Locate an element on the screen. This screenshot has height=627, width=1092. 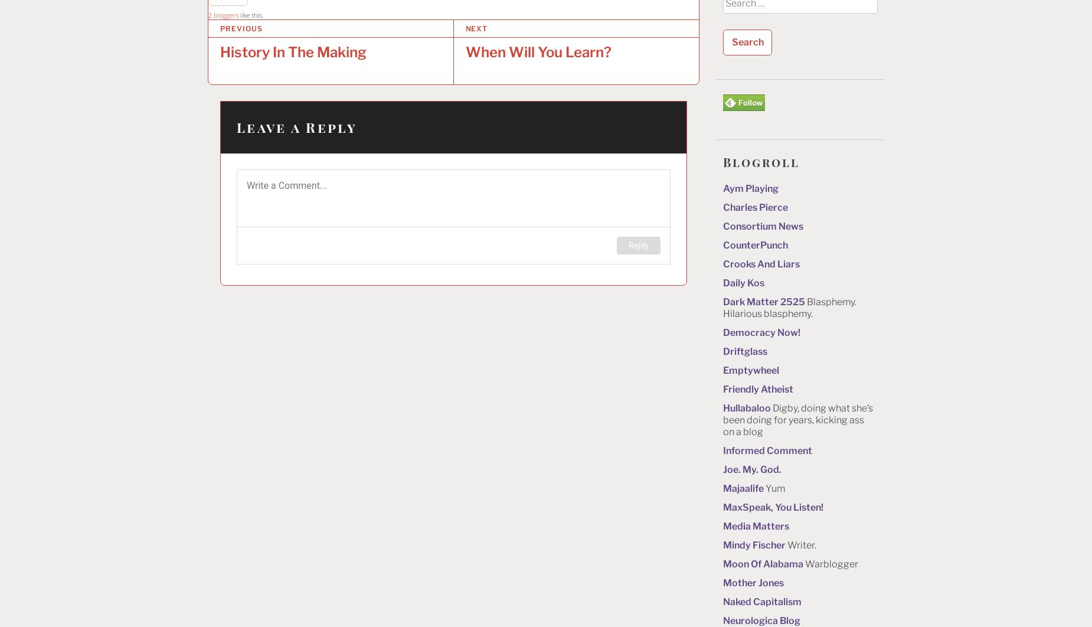
'Next' is located at coordinates (476, 28).